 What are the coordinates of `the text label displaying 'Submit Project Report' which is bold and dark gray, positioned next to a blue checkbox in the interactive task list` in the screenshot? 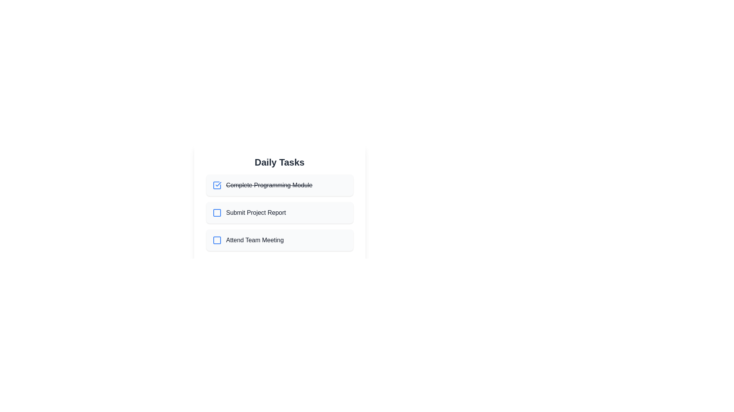 It's located at (256, 213).